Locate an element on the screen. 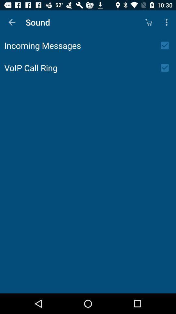 Image resolution: width=176 pixels, height=314 pixels. the app next to sound app is located at coordinates (148, 22).